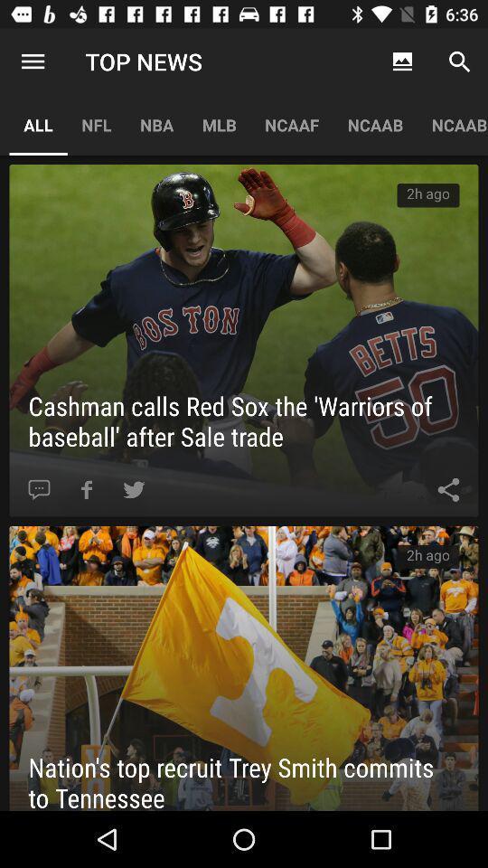 This screenshot has height=868, width=488. What do you see at coordinates (219, 124) in the screenshot?
I see `the mlb` at bounding box center [219, 124].